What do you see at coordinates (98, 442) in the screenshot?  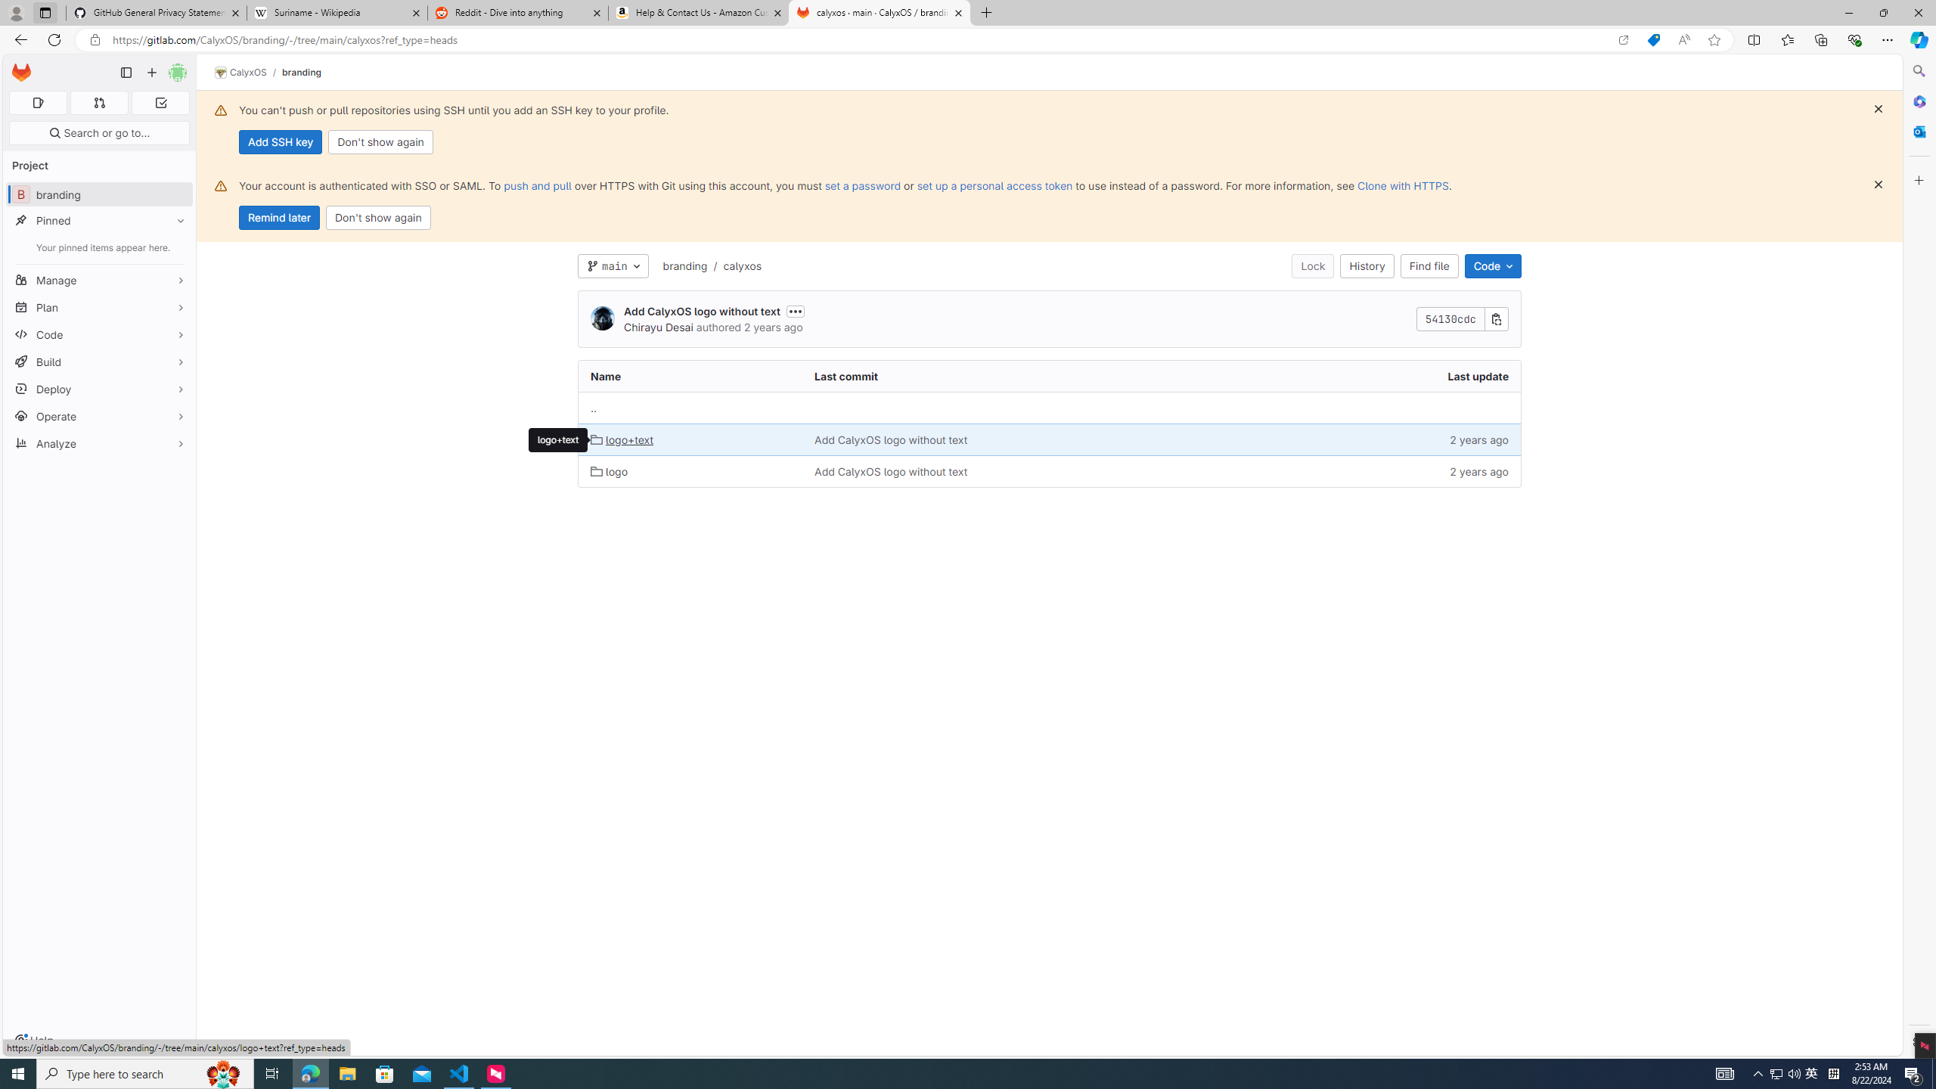 I see `'Analyze'` at bounding box center [98, 442].